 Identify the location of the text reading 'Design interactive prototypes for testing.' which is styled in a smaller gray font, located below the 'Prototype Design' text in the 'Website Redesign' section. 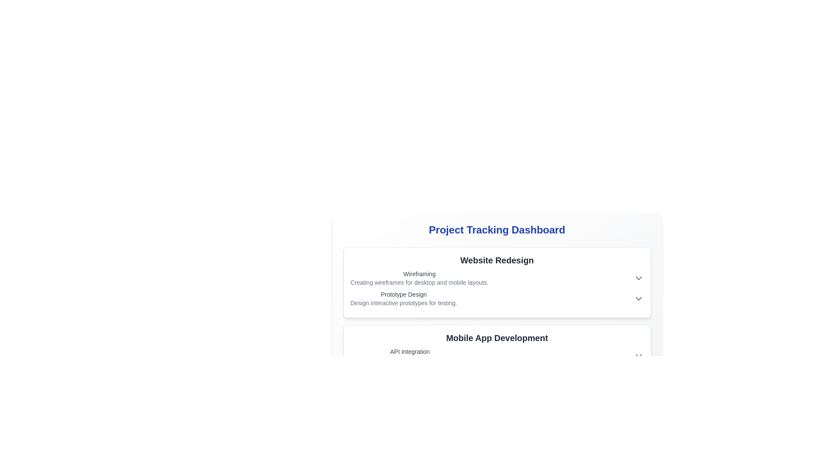
(403, 302).